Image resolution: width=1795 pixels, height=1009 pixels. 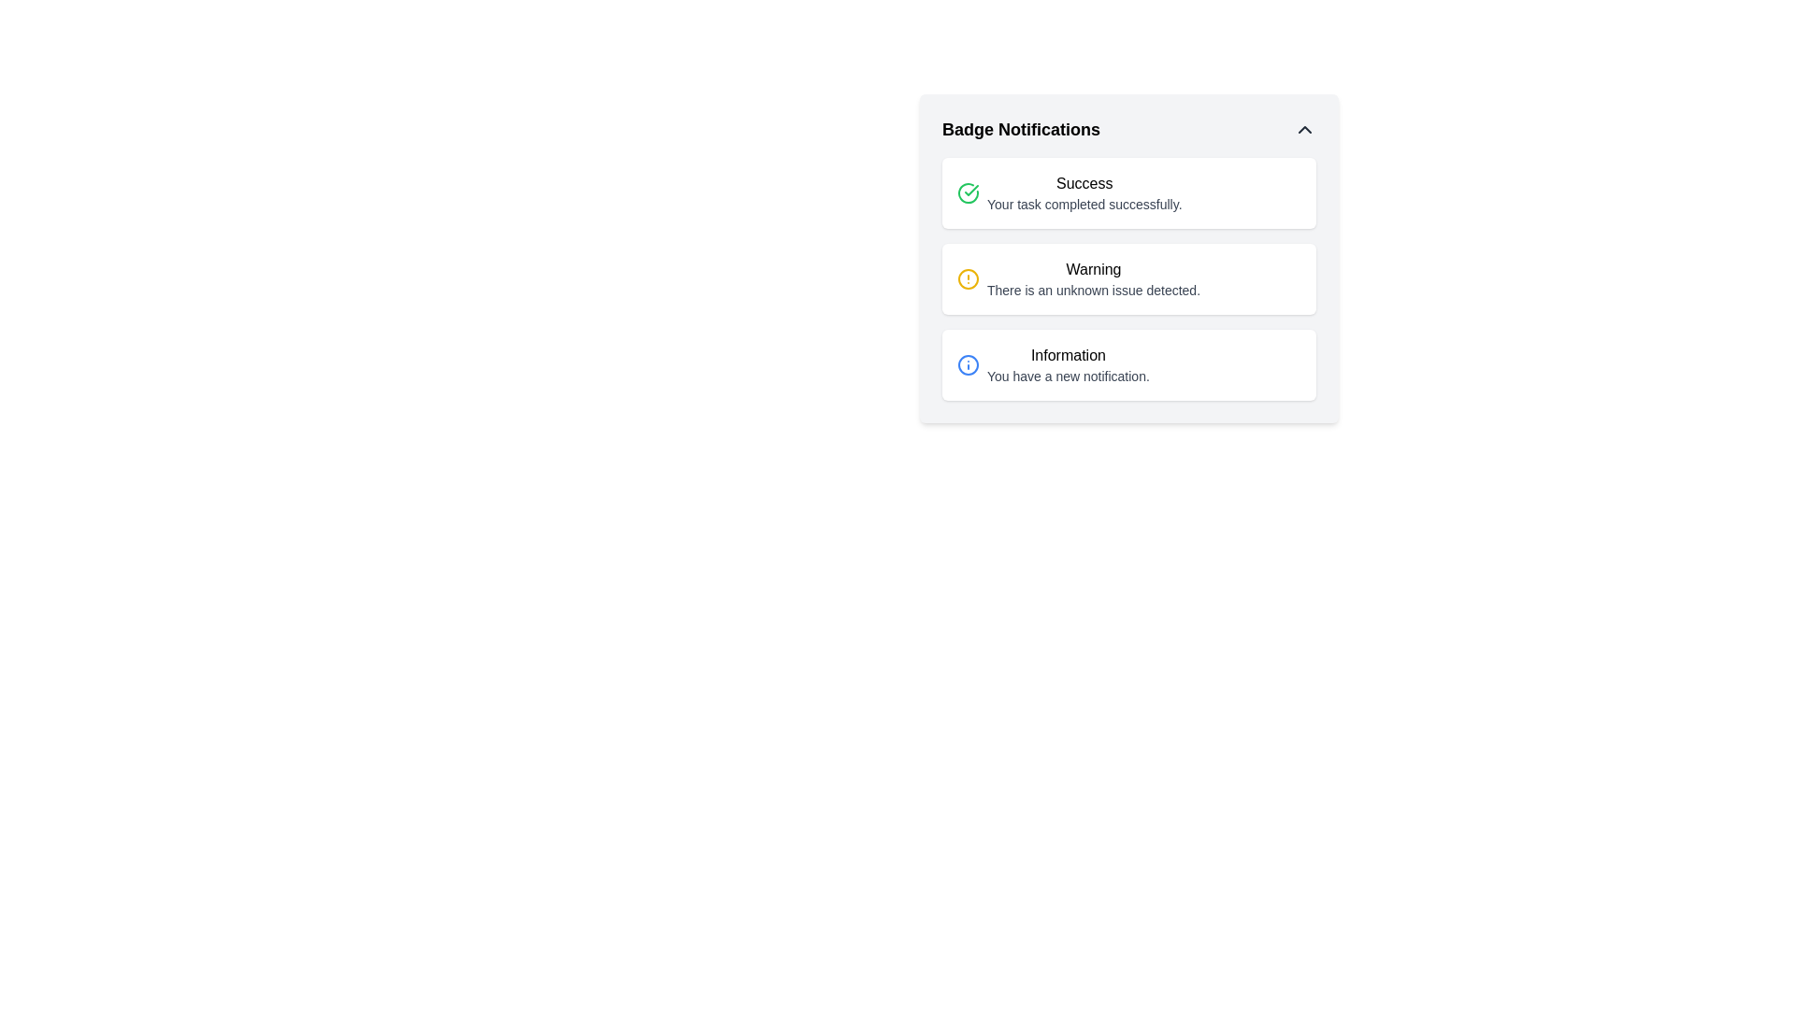 What do you see at coordinates (969, 364) in the screenshot?
I see `the blue circular shape that is part of the 'Information' notification SVG icon, located in the notification interface` at bounding box center [969, 364].